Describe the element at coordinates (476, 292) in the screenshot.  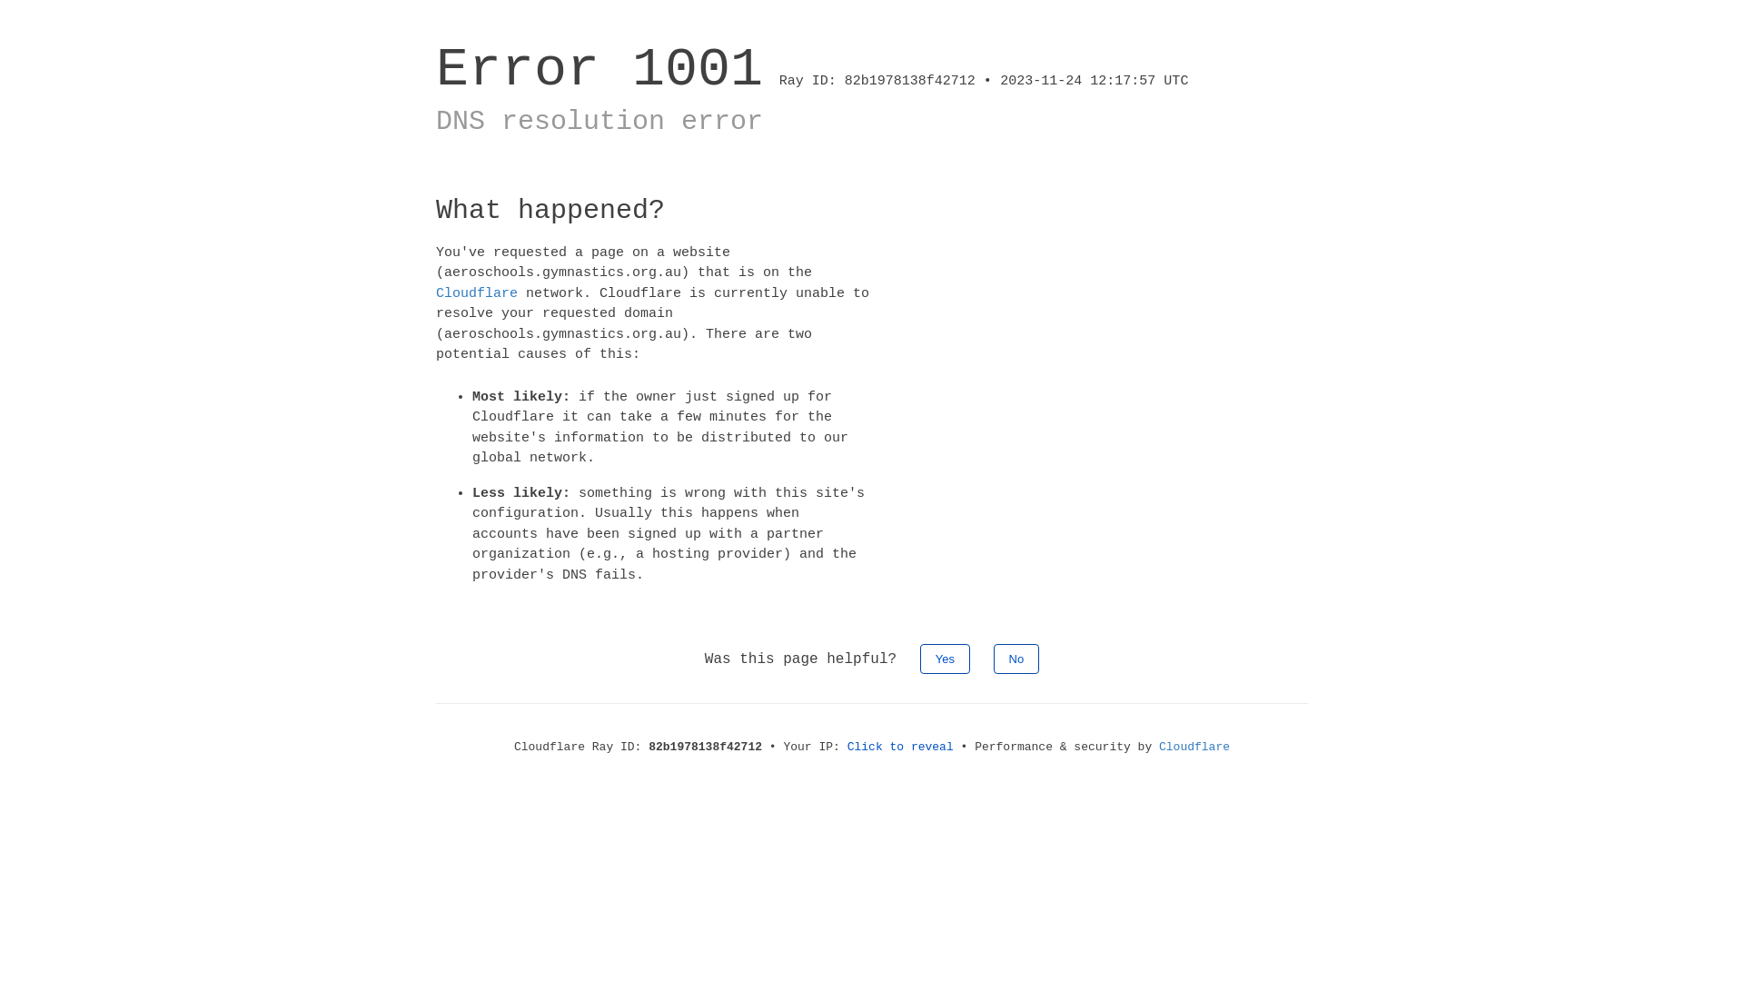
I see `'Cloudflare'` at that location.